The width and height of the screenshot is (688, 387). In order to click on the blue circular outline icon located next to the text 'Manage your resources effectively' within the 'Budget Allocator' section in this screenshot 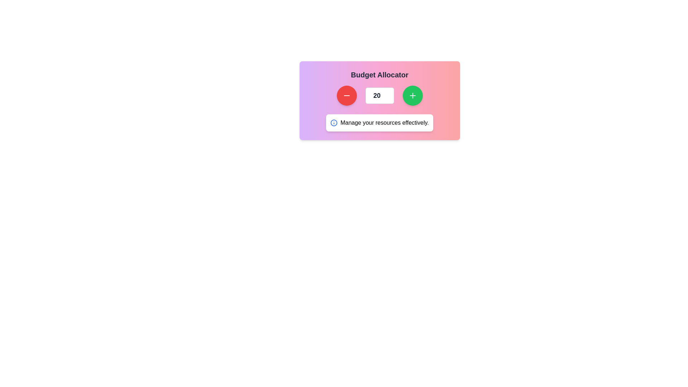, I will do `click(334, 123)`.